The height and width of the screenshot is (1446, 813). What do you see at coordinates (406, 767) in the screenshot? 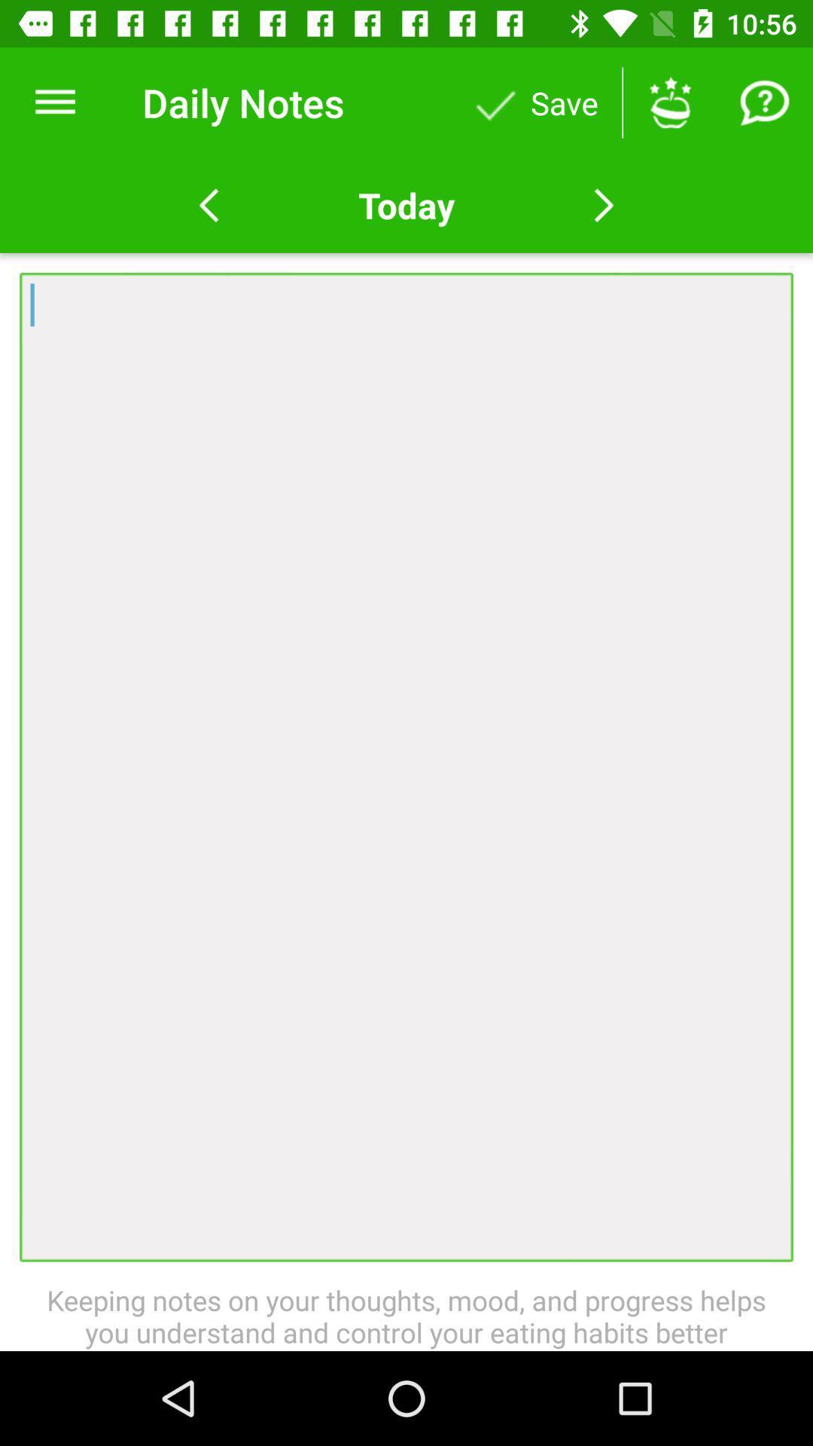
I see `icon at the center` at bounding box center [406, 767].